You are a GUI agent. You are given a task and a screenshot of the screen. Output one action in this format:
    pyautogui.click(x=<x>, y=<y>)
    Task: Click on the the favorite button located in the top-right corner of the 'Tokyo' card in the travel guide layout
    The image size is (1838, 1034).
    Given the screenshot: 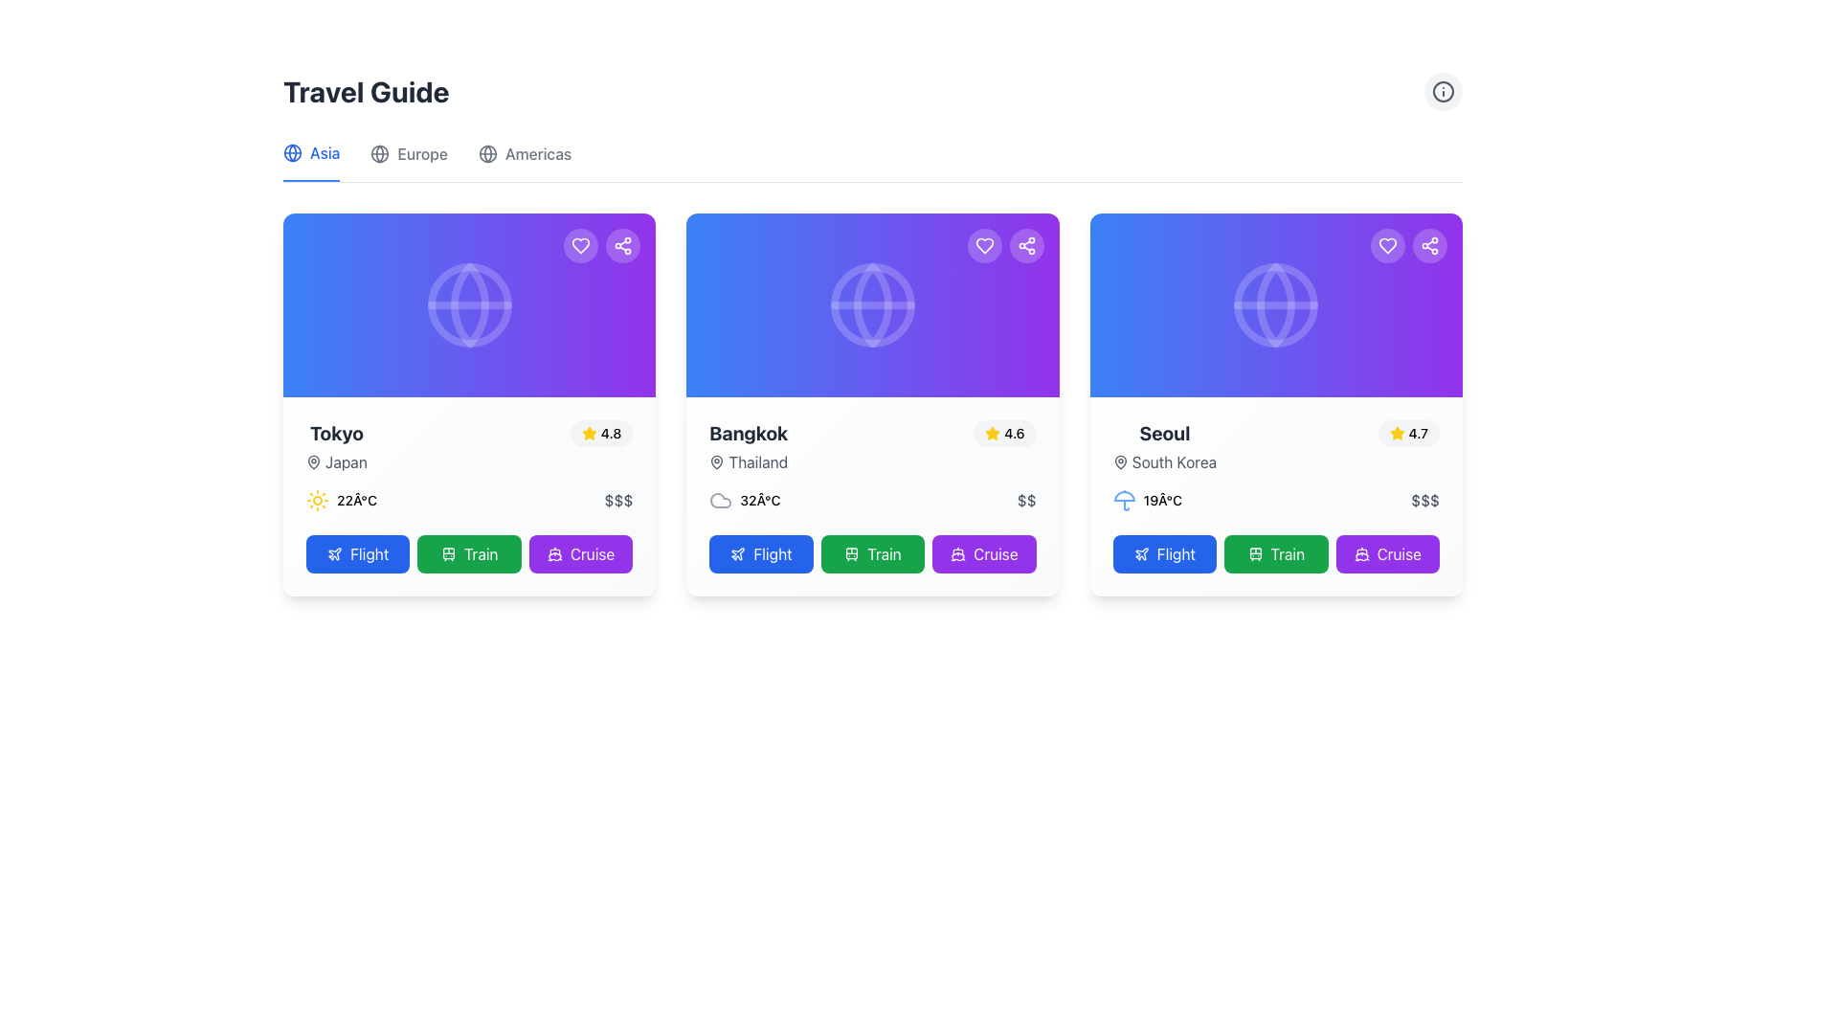 What is the action you would take?
    pyautogui.click(x=580, y=245)
    